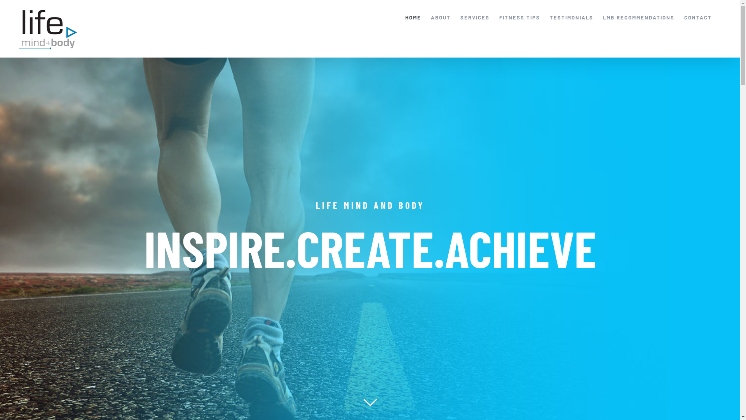 The width and height of the screenshot is (746, 420). What do you see at coordinates (404, 17) in the screenshot?
I see `'HOME'` at bounding box center [404, 17].